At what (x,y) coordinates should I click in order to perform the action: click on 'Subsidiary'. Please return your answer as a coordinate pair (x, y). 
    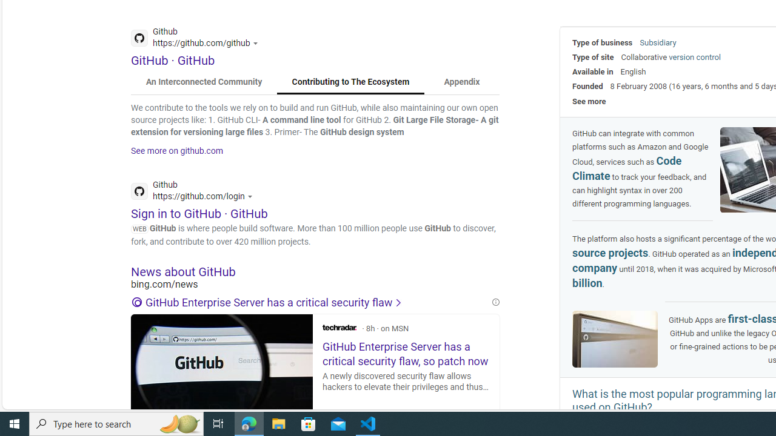
    Looking at the image, I should click on (657, 42).